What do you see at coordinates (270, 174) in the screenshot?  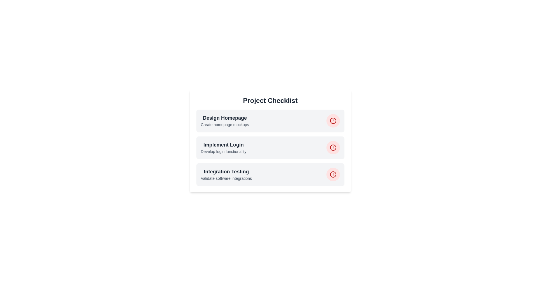 I see `the circular button in the task management interface for 'Integration Testing'` at bounding box center [270, 174].